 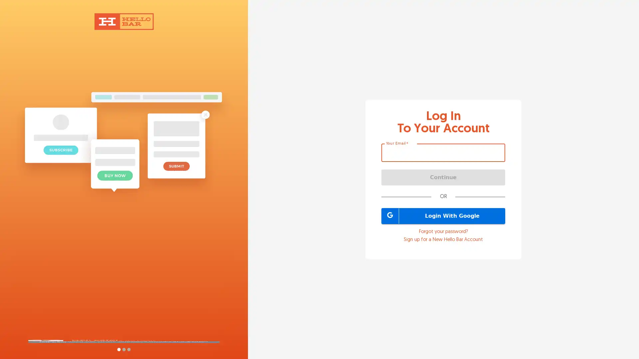 What do you see at coordinates (123, 349) in the screenshot?
I see `carousel indicator 2` at bounding box center [123, 349].